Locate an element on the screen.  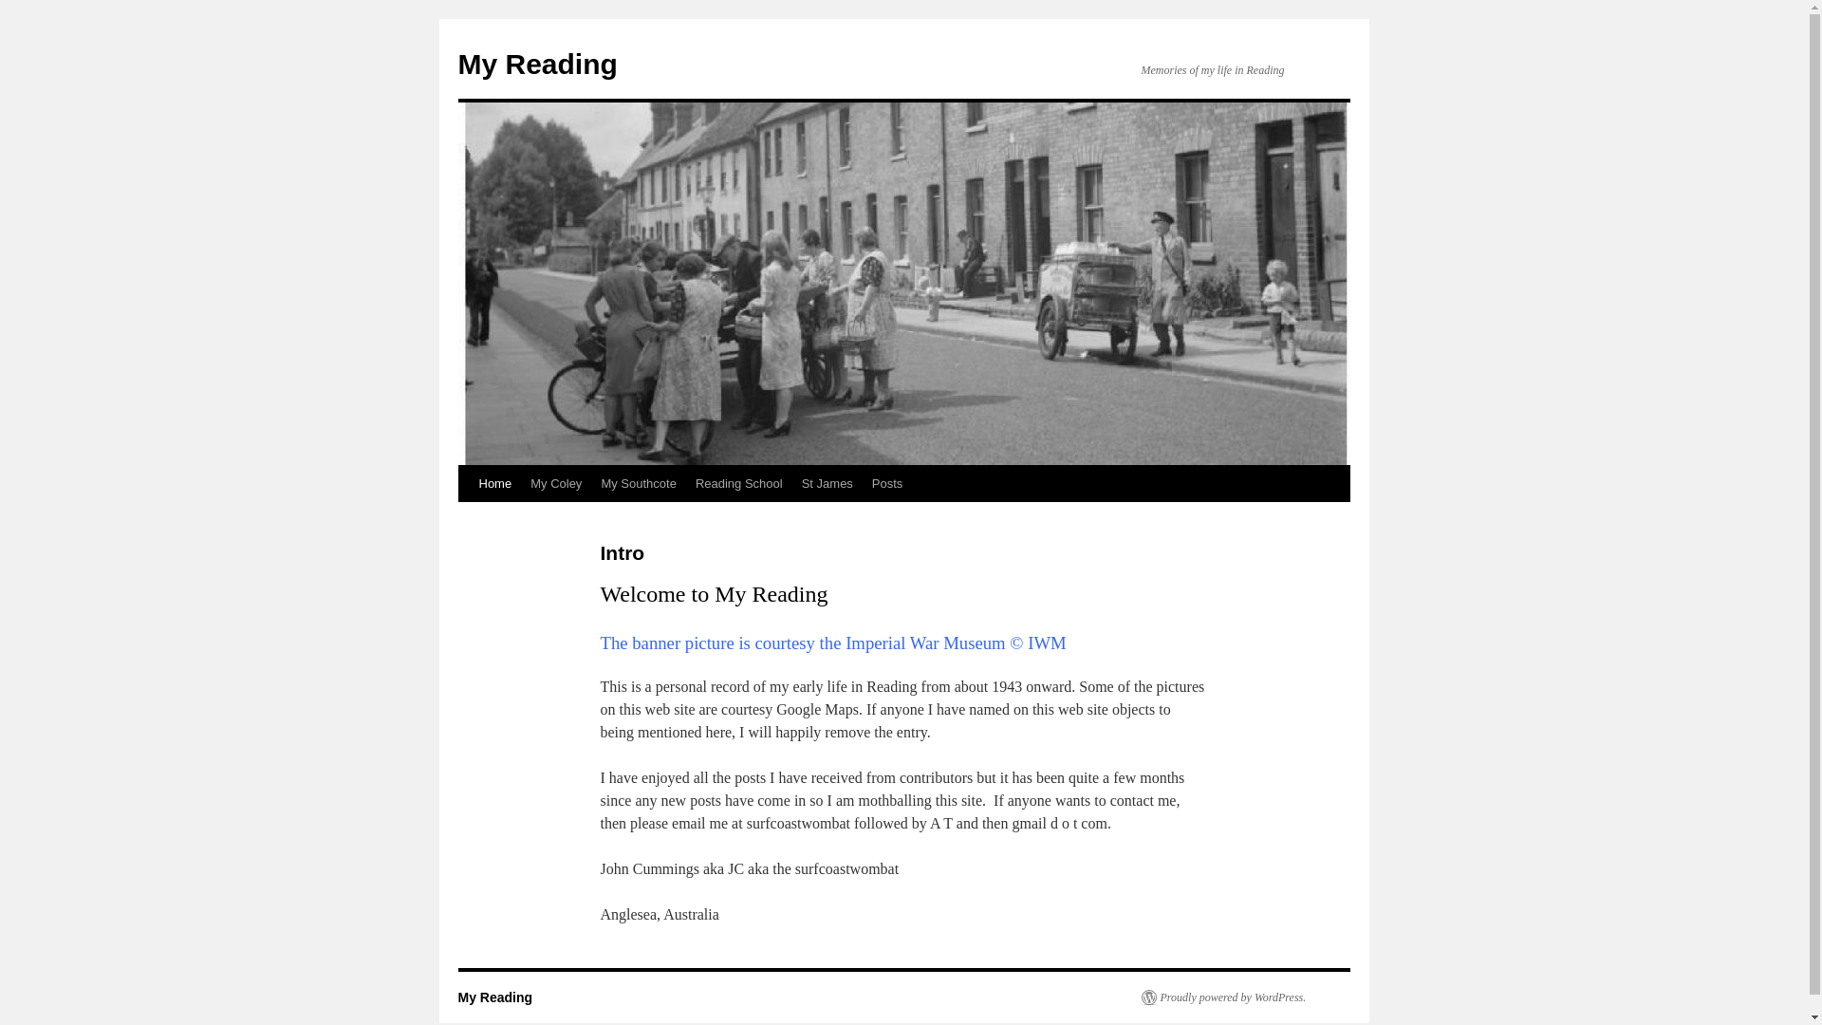
'My Reading' is located at coordinates (536, 63).